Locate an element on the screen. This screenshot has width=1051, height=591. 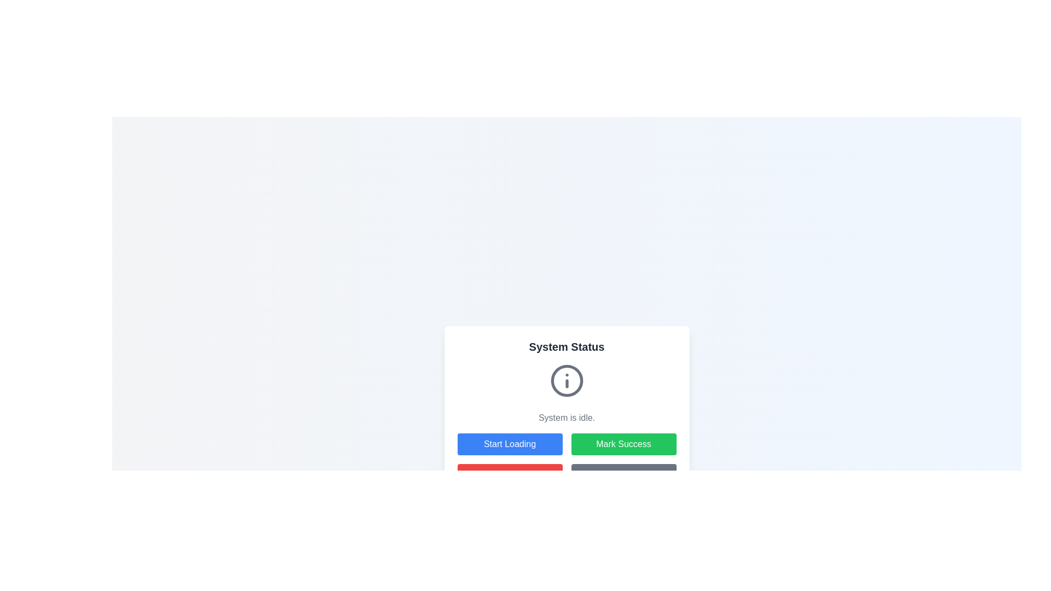
the circular perimeter of the info icon, which is centrally located within the 'System Status' card, above the text 'System is idle.' is located at coordinates (567, 380).